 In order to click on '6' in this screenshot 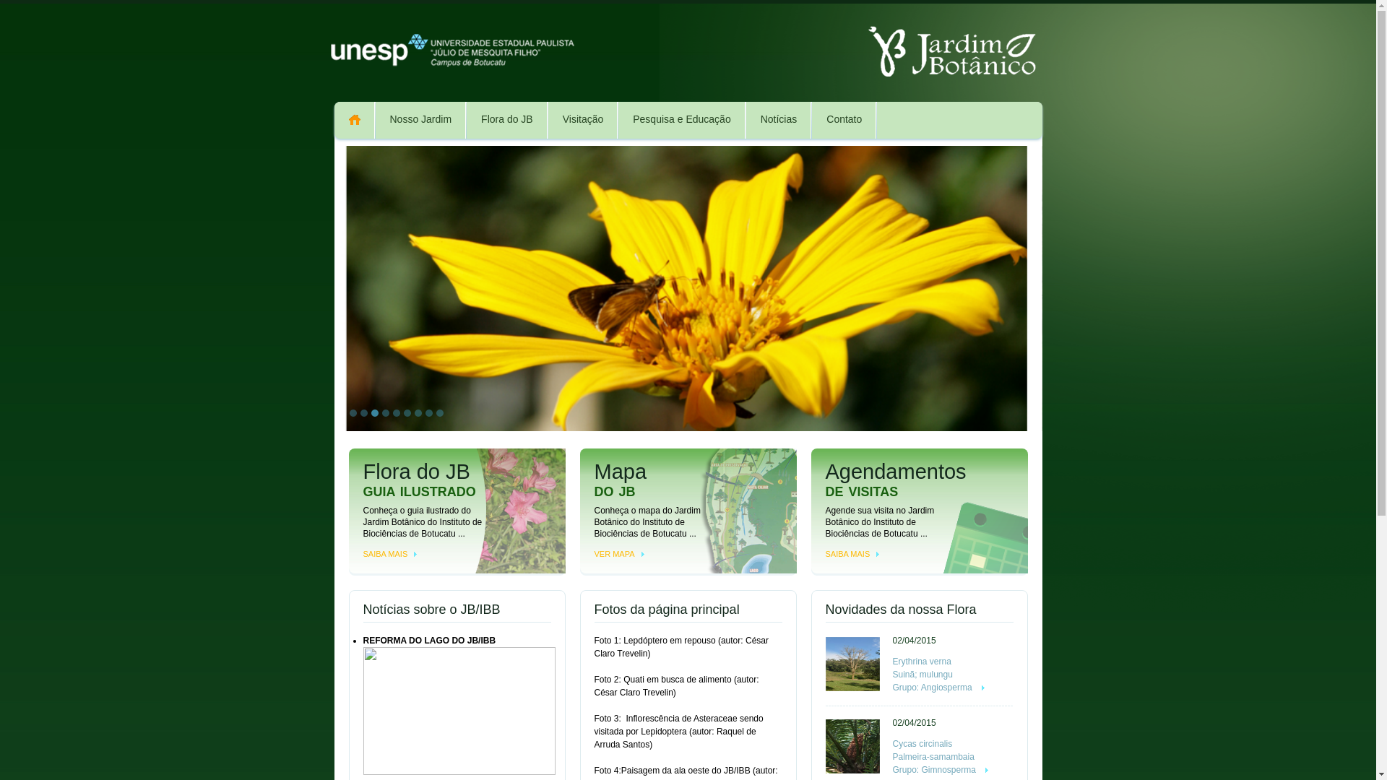, I will do `click(402, 412)`.